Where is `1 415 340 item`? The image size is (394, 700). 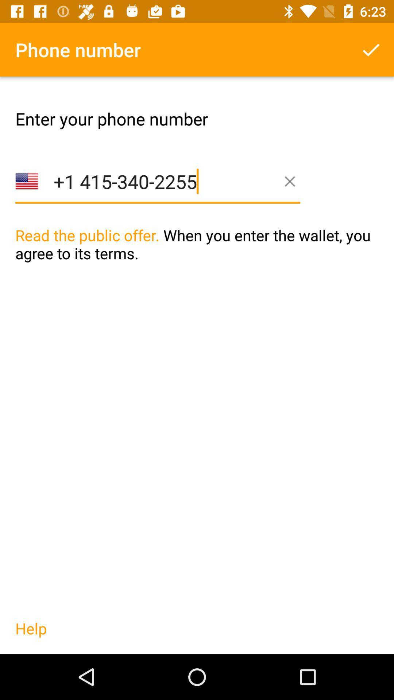 1 415 340 item is located at coordinates (157, 193).